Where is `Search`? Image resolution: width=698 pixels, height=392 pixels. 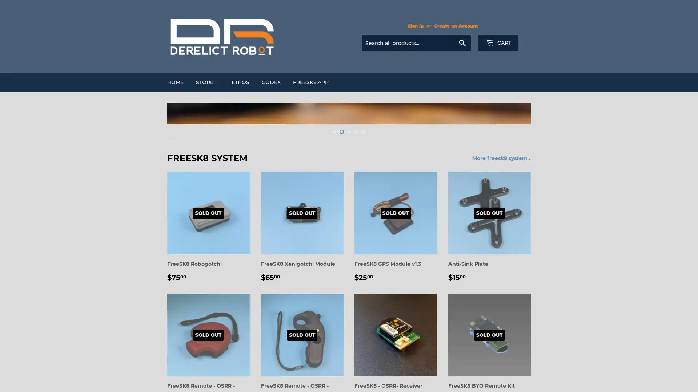 Search is located at coordinates (462, 43).